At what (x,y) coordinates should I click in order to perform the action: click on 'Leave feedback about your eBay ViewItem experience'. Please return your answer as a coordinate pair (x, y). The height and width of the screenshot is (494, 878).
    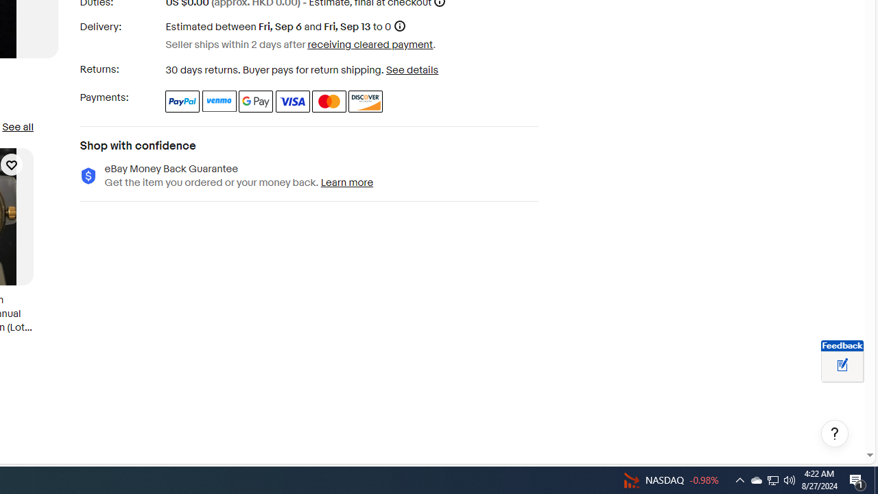
    Looking at the image, I should click on (842, 365).